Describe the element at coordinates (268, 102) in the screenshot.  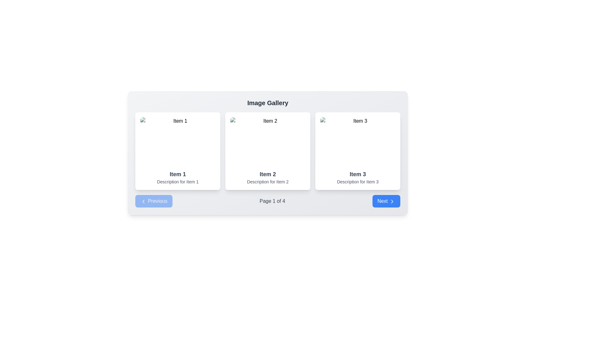
I see `text from the title Text Label indicating the purpose of the image gallery, which is located at the top of the main content area` at that location.